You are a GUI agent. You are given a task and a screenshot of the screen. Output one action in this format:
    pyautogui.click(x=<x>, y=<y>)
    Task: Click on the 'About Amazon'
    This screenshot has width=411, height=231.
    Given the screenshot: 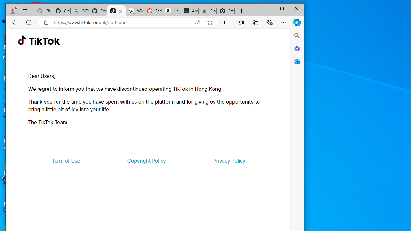 What is the action you would take?
    pyautogui.click(x=189, y=11)
    